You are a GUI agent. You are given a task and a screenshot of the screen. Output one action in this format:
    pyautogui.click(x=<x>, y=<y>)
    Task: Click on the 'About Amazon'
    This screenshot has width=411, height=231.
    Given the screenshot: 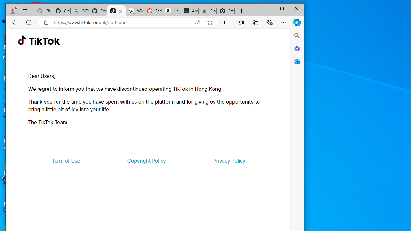 What is the action you would take?
    pyautogui.click(x=189, y=11)
    